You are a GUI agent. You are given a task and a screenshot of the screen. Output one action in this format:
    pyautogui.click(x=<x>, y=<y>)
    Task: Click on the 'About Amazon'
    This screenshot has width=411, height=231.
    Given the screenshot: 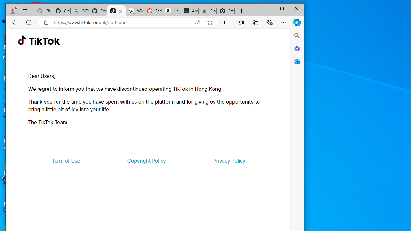 What is the action you would take?
    pyautogui.click(x=189, y=11)
    